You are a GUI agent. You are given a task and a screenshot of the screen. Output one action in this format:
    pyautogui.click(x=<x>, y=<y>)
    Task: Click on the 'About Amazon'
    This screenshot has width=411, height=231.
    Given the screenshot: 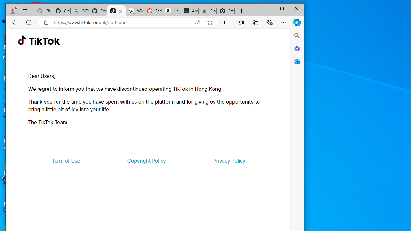 What is the action you would take?
    pyautogui.click(x=189, y=11)
    